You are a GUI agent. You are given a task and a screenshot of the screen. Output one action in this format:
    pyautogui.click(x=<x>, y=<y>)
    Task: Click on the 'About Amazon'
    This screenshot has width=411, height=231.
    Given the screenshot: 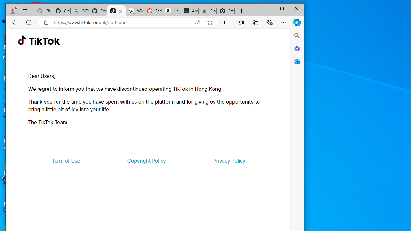 What is the action you would take?
    pyautogui.click(x=189, y=11)
    